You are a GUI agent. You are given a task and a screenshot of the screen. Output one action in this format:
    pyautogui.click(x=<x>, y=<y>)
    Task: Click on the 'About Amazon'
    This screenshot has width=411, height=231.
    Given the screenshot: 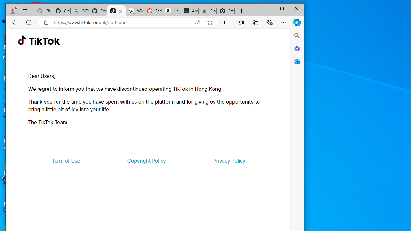 What is the action you would take?
    pyautogui.click(x=189, y=11)
    